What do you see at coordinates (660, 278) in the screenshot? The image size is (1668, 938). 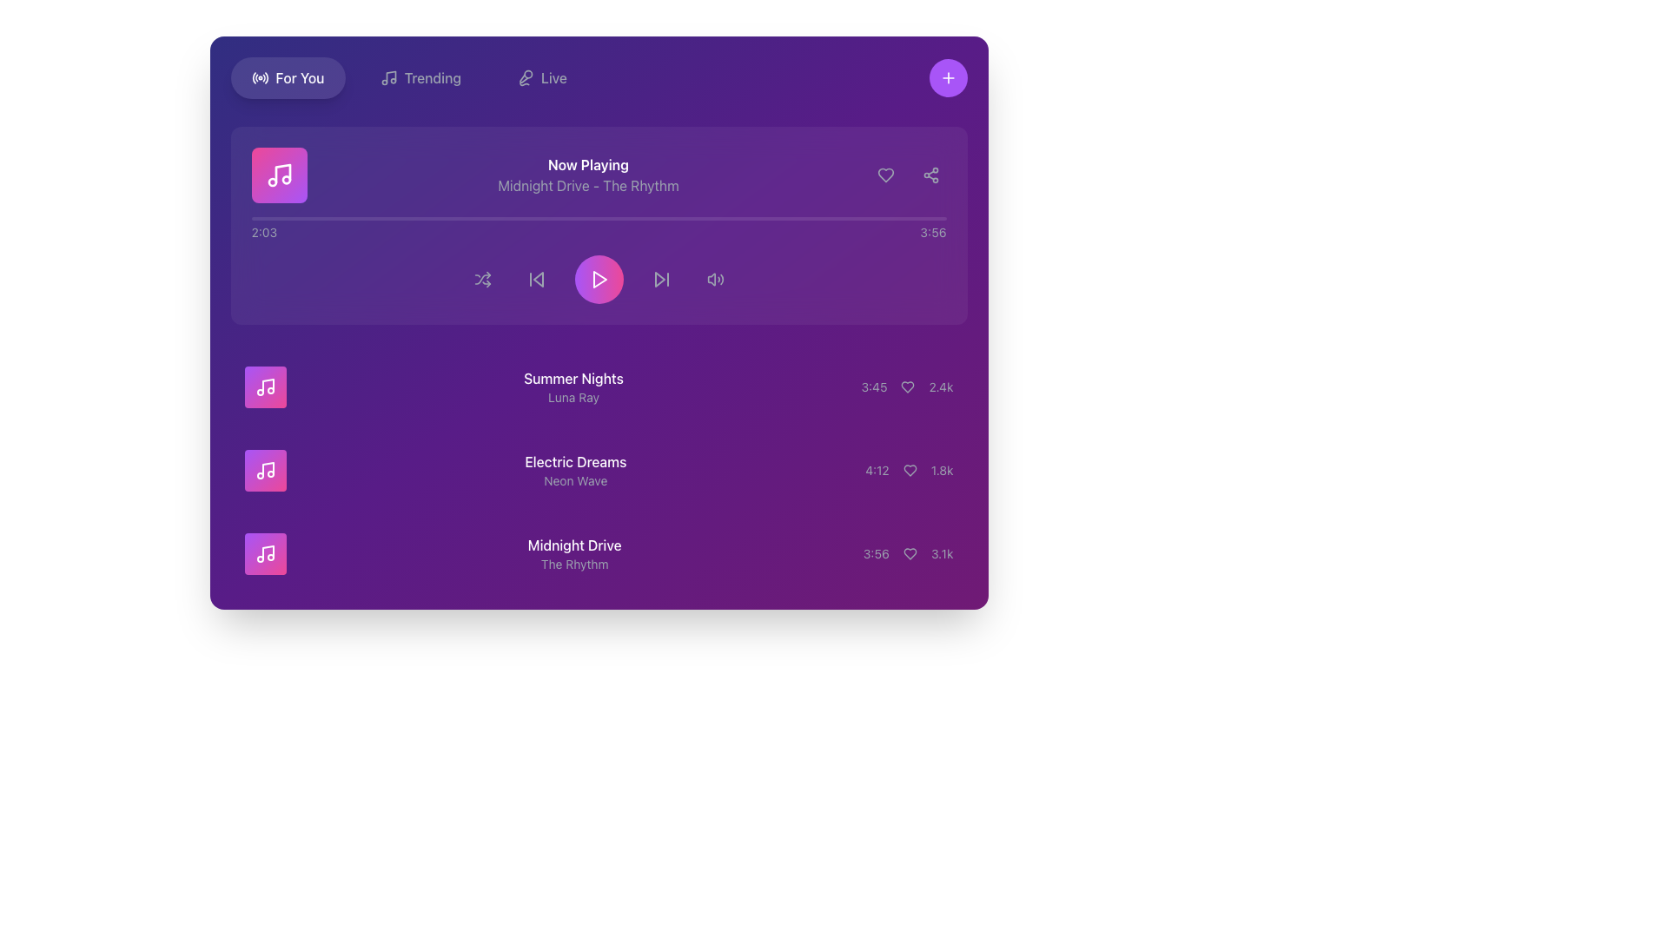 I see `the 'Next Track' button, which is located centrally in the interface, positioned to the right of the play button and to the left of the volume control icon, to skip to the next track` at bounding box center [660, 278].